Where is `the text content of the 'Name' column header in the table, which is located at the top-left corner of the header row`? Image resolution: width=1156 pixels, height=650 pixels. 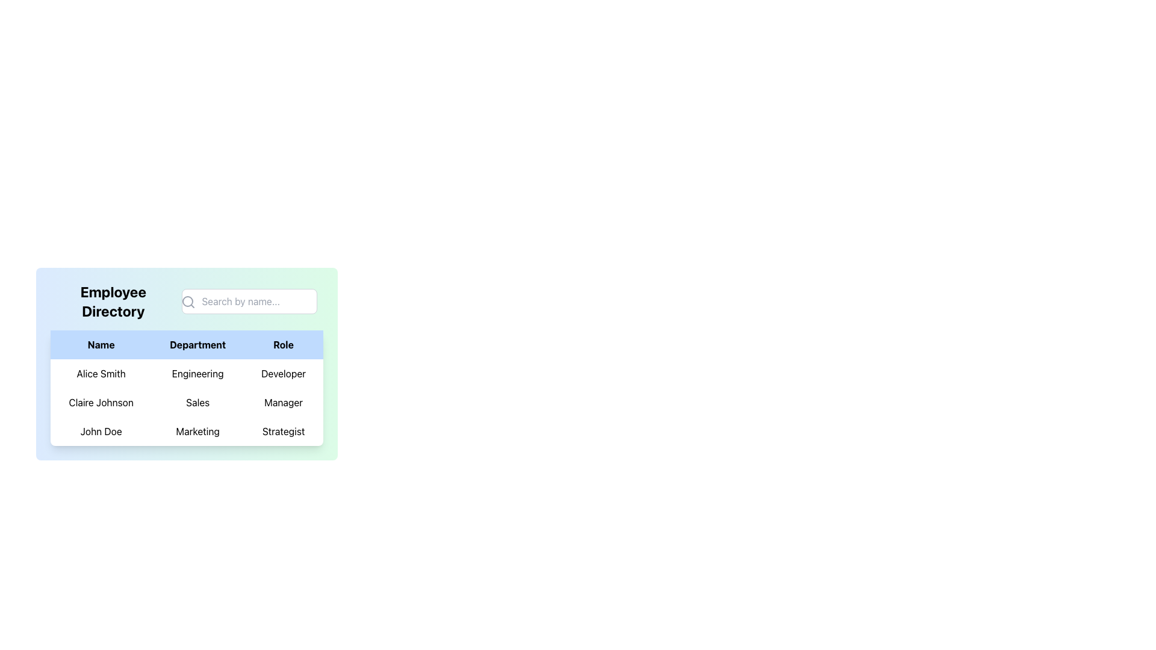 the text content of the 'Name' column header in the table, which is located at the top-left corner of the header row is located at coordinates (101, 345).